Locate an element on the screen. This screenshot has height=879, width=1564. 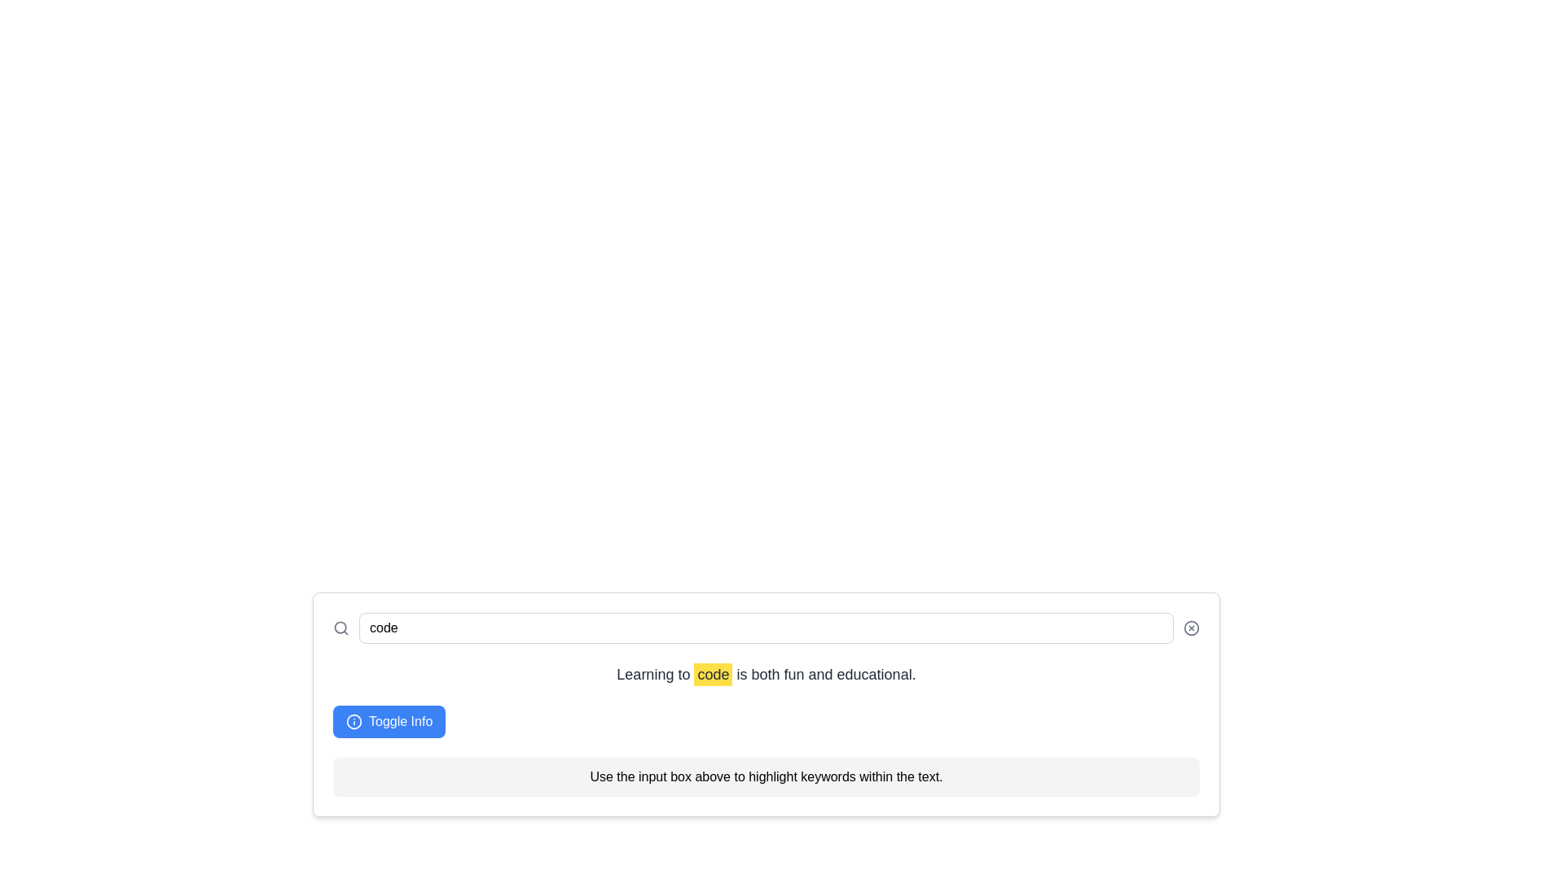
the circular part of the search icon located in the bottom-left corner of the text search box component is located at coordinates (340, 627).